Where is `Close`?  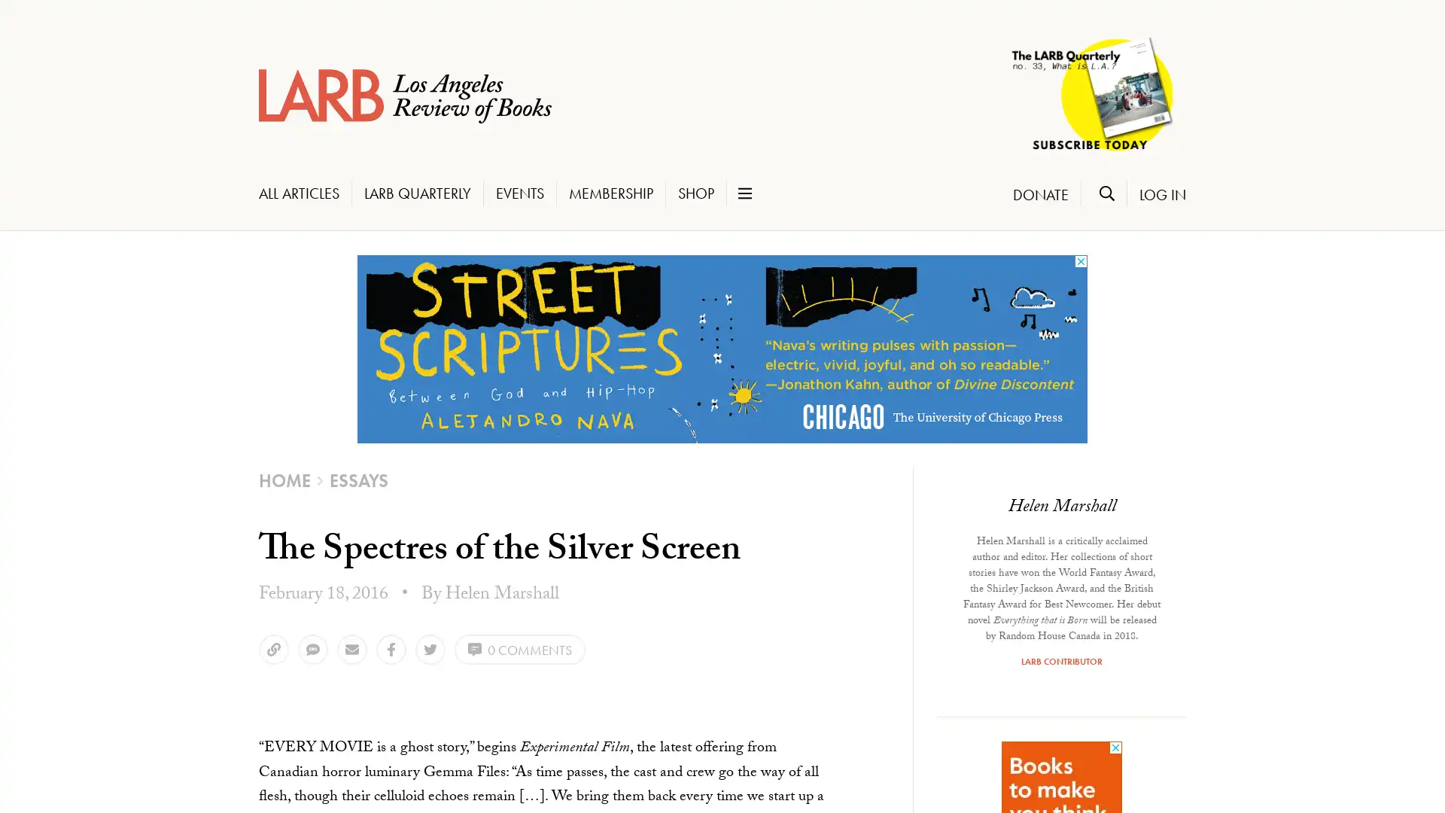 Close is located at coordinates (233, 412).